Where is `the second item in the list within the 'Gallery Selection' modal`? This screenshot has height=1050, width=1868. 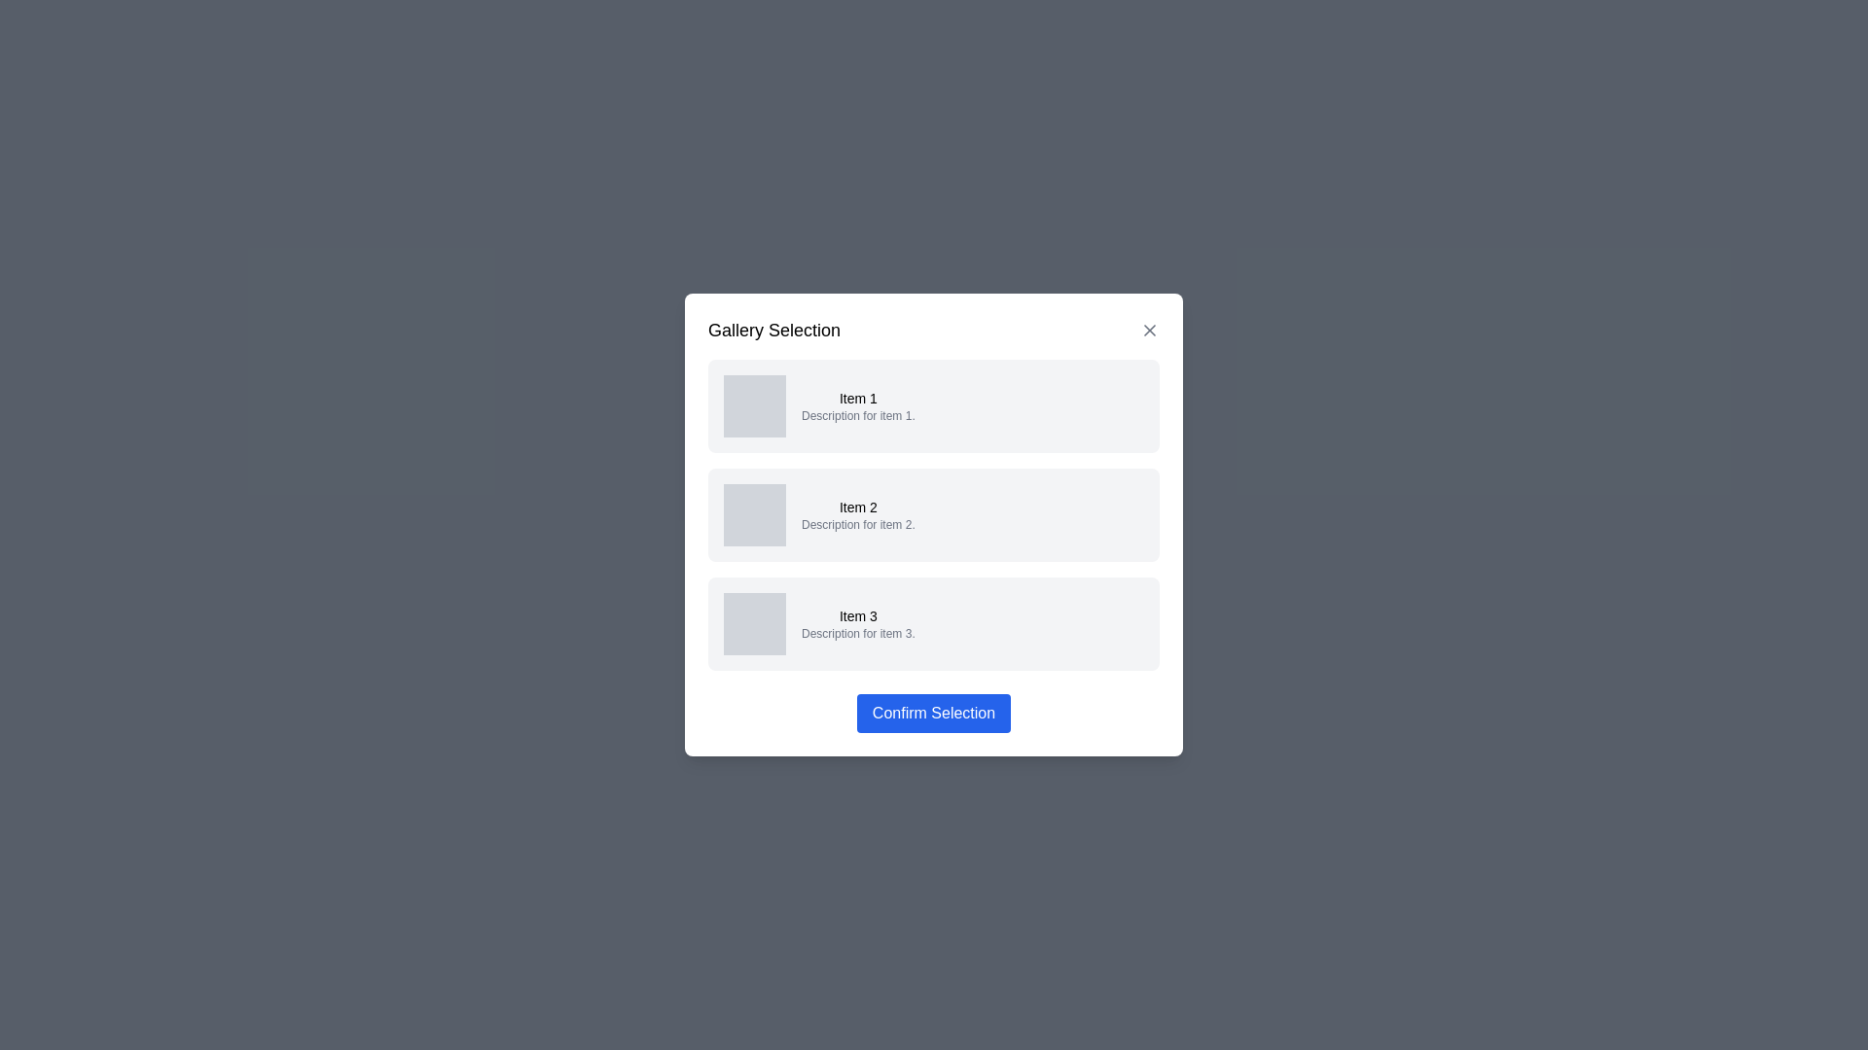
the second item in the list within the 'Gallery Selection' modal is located at coordinates (934, 513).